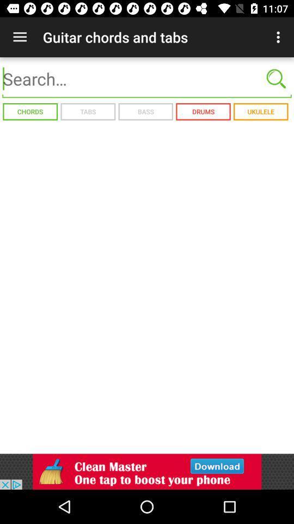 The width and height of the screenshot is (294, 524). What do you see at coordinates (276, 78) in the screenshot?
I see `the search icon` at bounding box center [276, 78].